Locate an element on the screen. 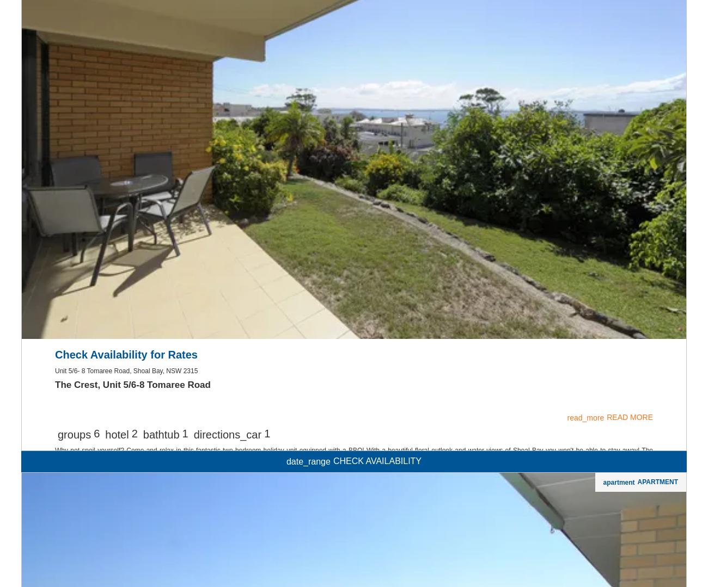  'Internet' is located at coordinates (353, 106).